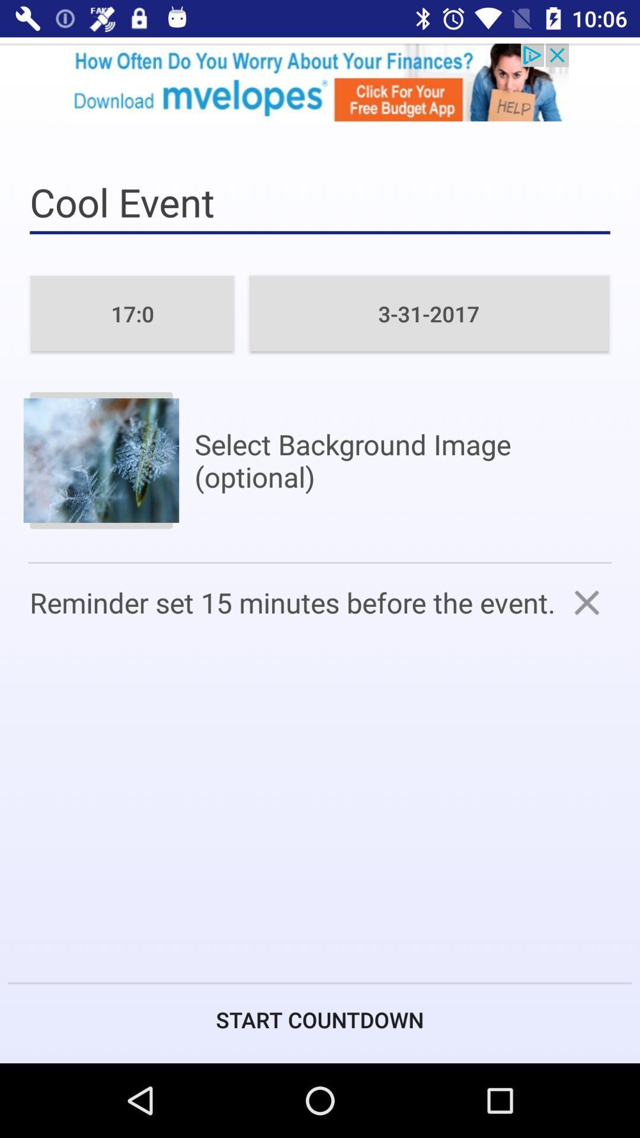 Image resolution: width=640 pixels, height=1138 pixels. I want to click on the close icon, so click(587, 602).